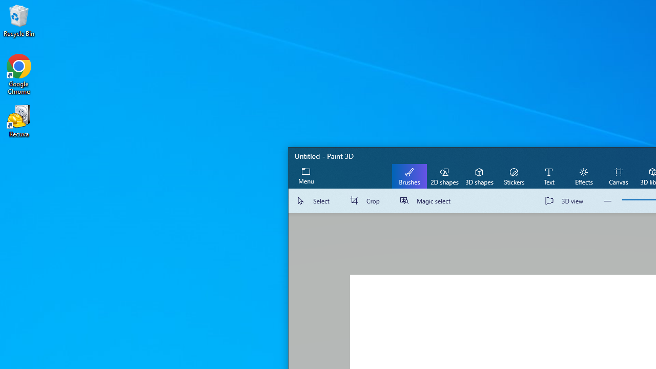  What do you see at coordinates (514, 175) in the screenshot?
I see `'Stickers'` at bounding box center [514, 175].